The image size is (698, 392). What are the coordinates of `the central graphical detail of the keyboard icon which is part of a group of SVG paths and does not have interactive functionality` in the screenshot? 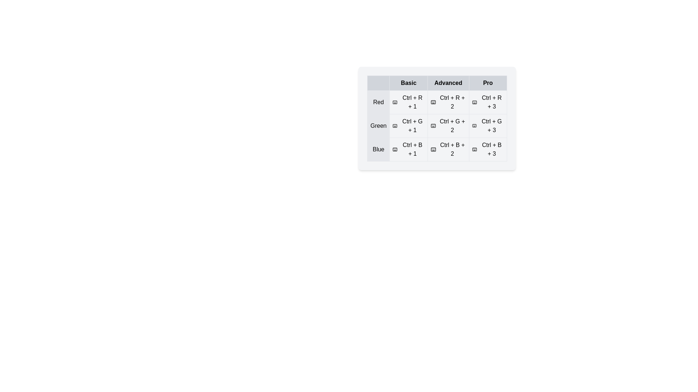 It's located at (474, 149).